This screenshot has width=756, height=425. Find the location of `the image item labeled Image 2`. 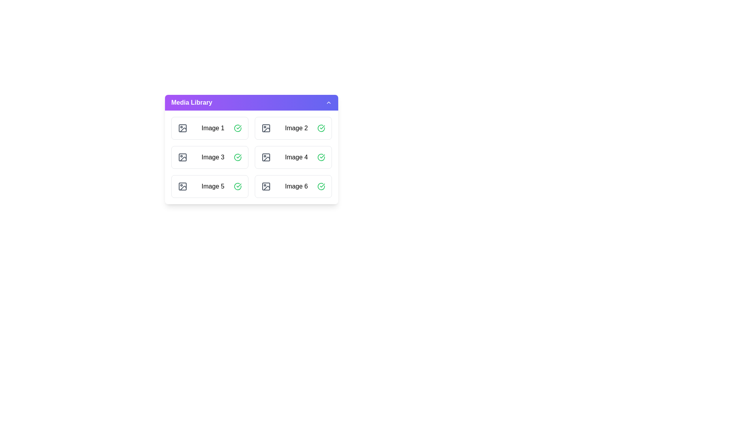

the image item labeled Image 2 is located at coordinates (293, 128).